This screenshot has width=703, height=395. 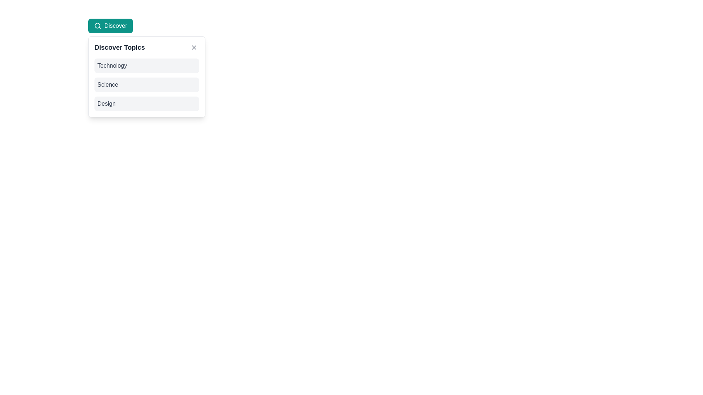 I want to click on the 'Technology' button in the 'Discover Topics' dialog box, so click(x=146, y=66).